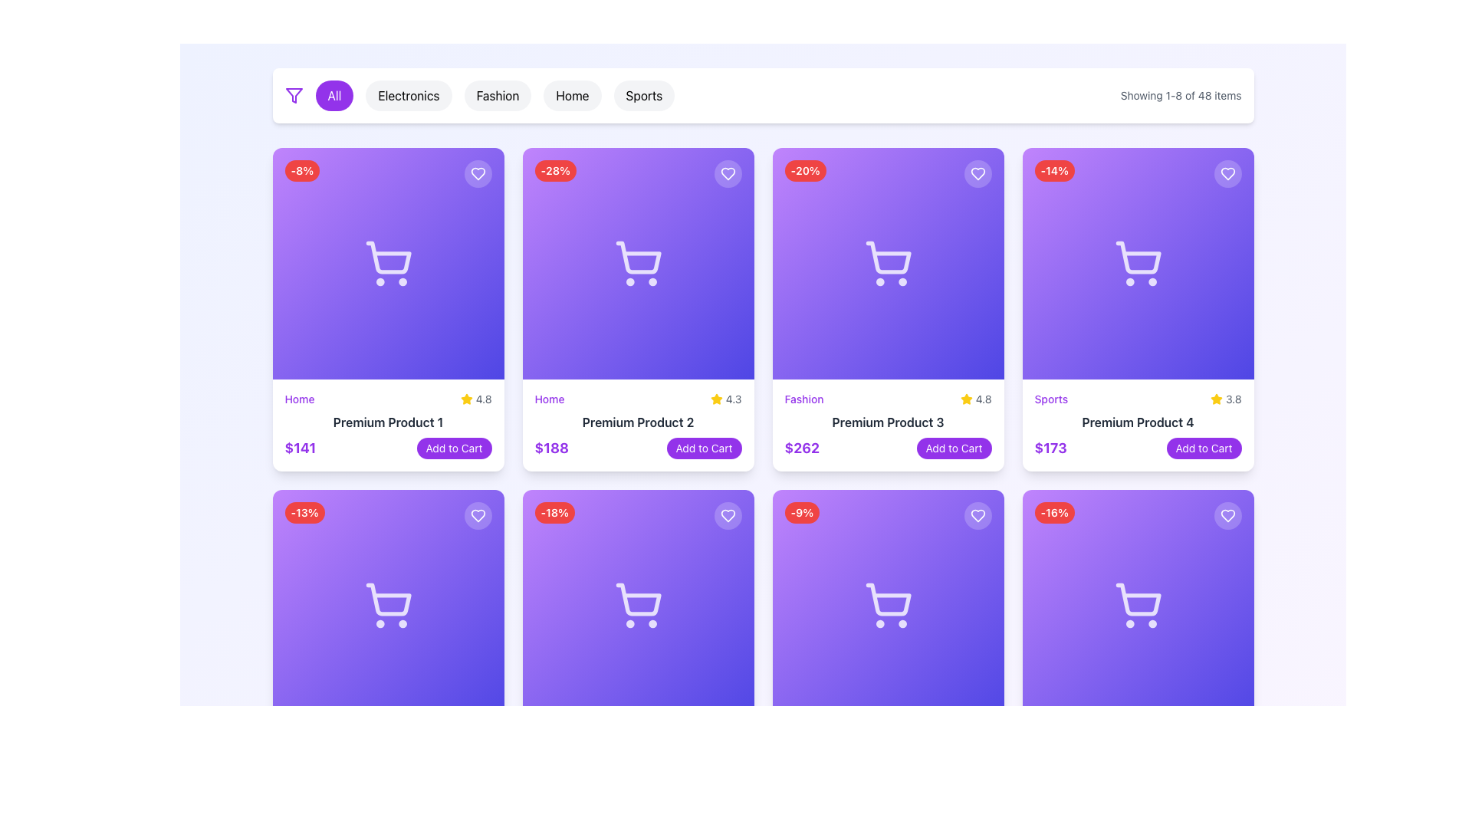  I want to click on the 'Electronics' button, which is a rounded rectangular button with a light gray background, to filter categories, so click(409, 95).